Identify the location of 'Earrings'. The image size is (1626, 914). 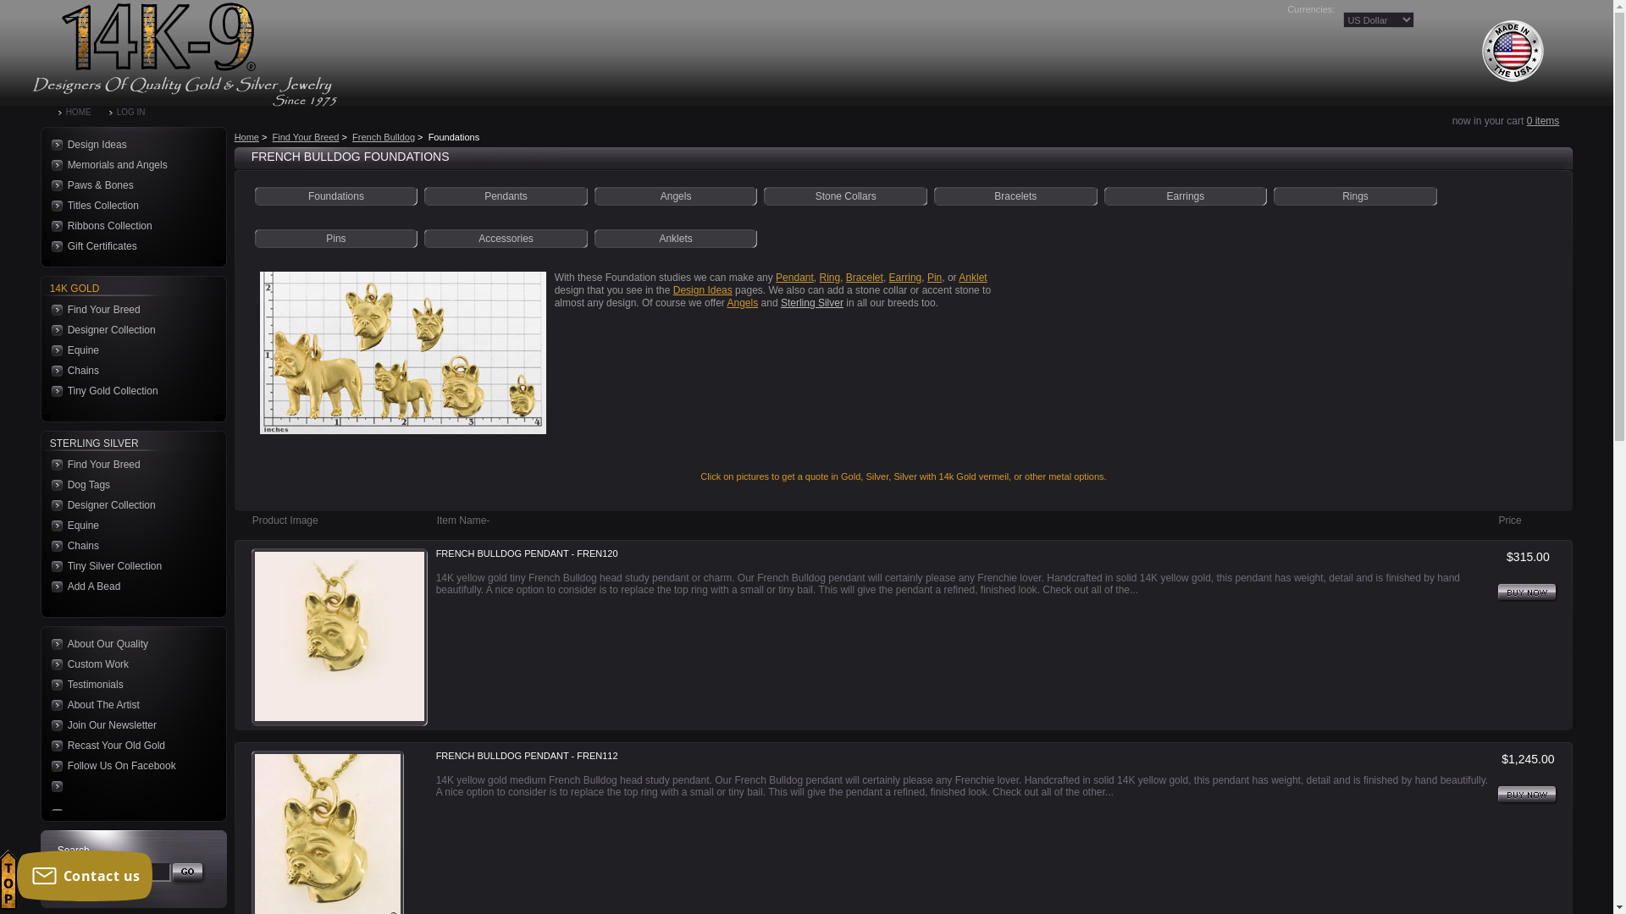
(1165, 195).